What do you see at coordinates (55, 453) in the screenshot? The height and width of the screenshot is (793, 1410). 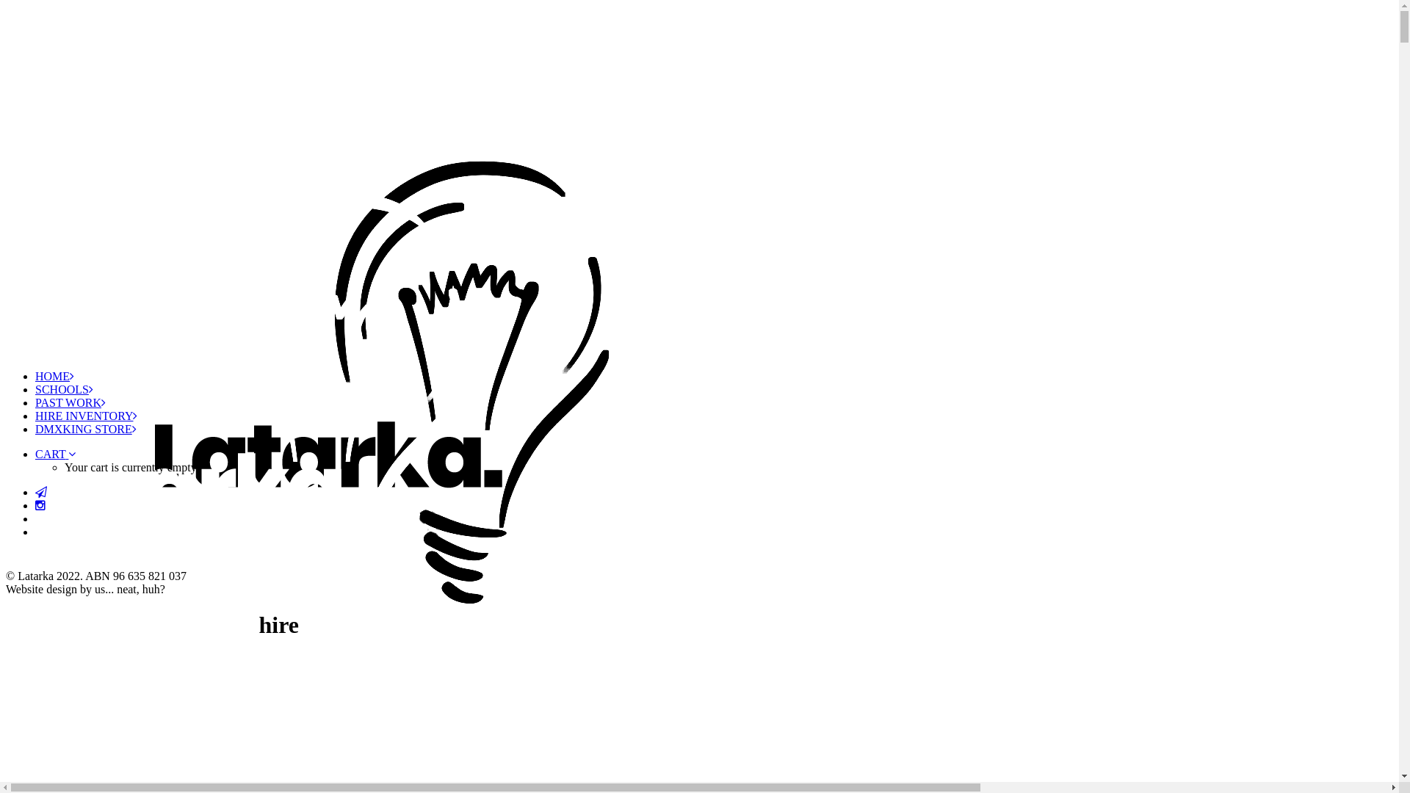 I see `'CART'` at bounding box center [55, 453].